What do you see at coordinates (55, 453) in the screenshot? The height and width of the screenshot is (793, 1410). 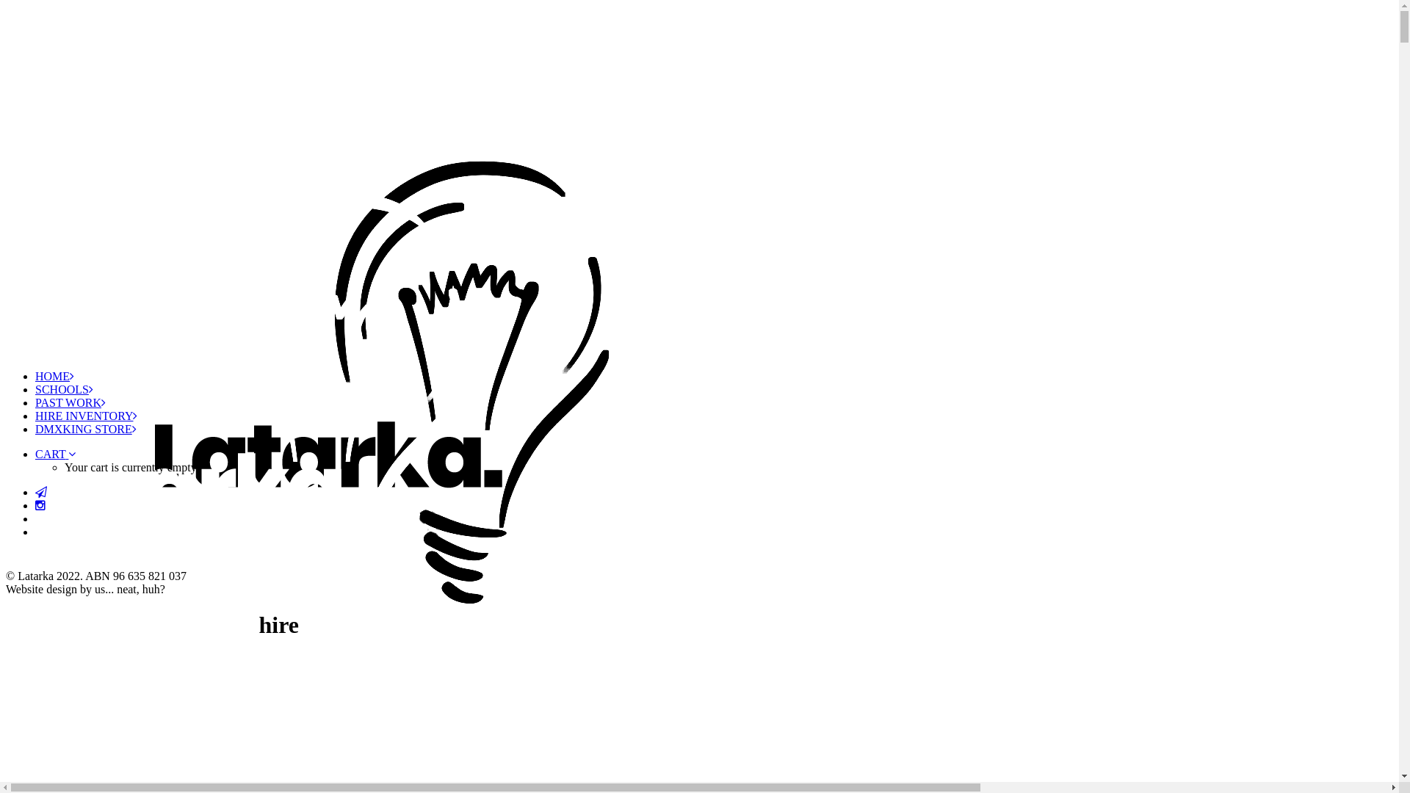 I see `'CART'` at bounding box center [55, 453].